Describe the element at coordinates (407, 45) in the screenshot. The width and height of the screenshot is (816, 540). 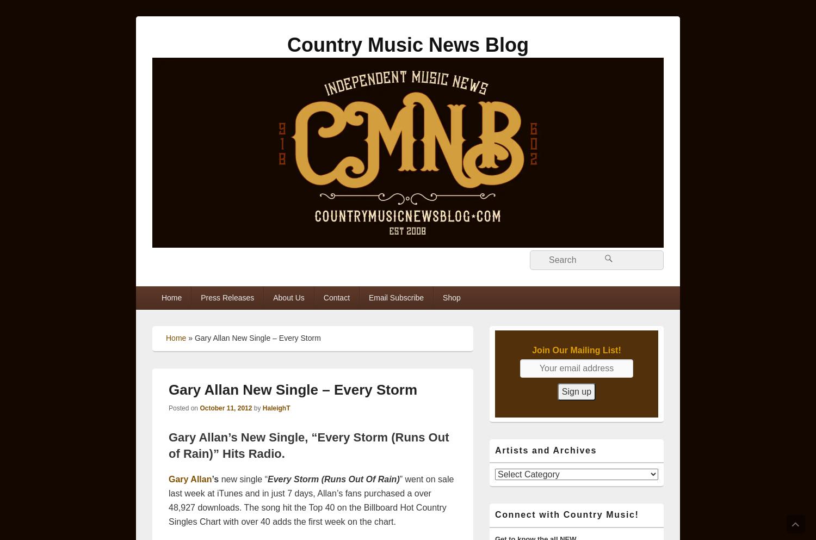
I see `'Country Music News Blog'` at that location.